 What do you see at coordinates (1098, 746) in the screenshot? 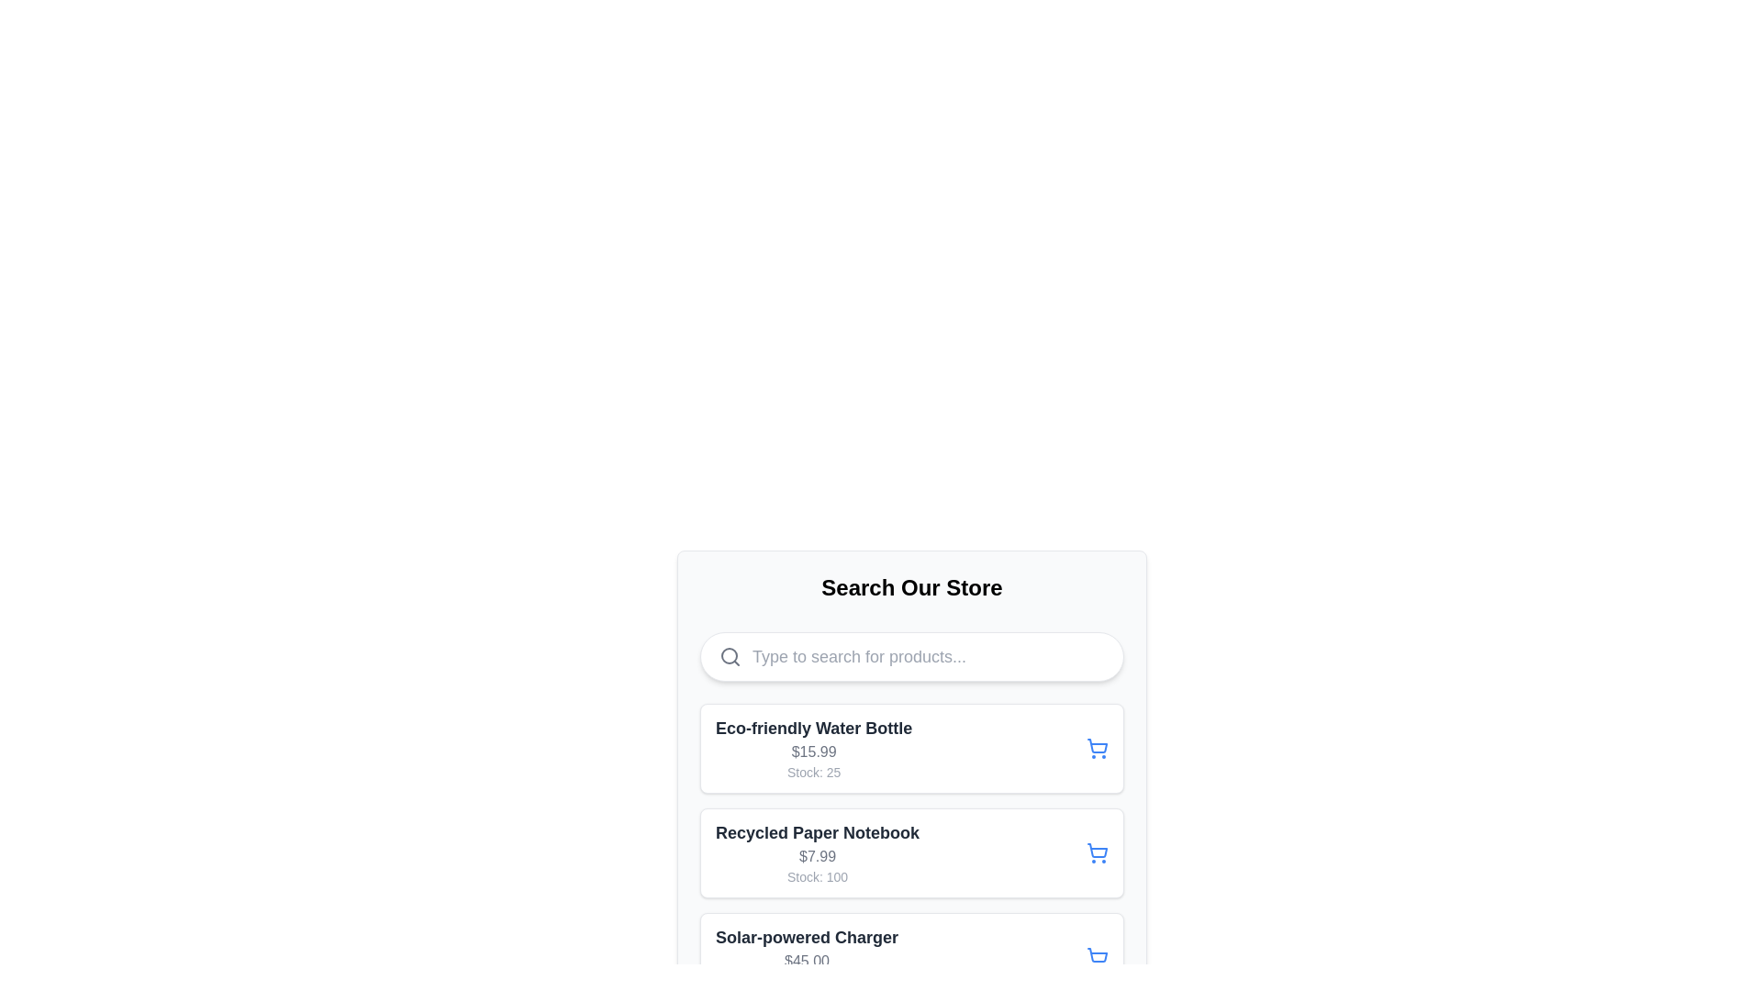
I see `the center of the main body part of the shopping cart icon` at bounding box center [1098, 746].